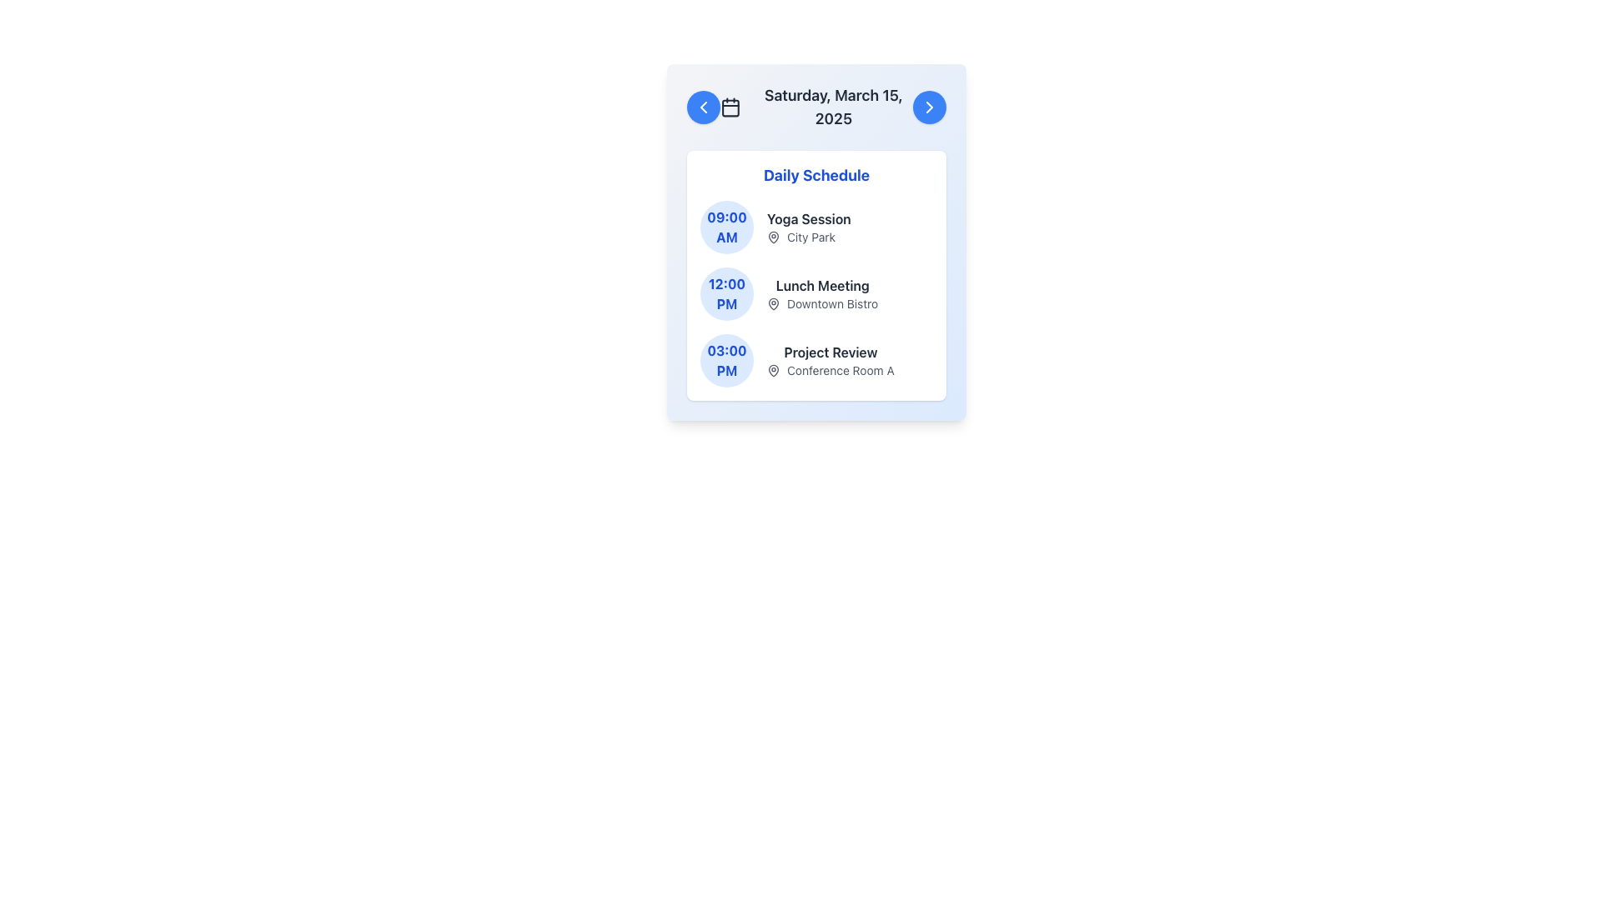  What do you see at coordinates (928, 107) in the screenshot?
I see `the circular blue button with a white chevron pointing to the right, located at the top-right corner of the card containing the date 'Saturday, March 15, 2025'` at bounding box center [928, 107].